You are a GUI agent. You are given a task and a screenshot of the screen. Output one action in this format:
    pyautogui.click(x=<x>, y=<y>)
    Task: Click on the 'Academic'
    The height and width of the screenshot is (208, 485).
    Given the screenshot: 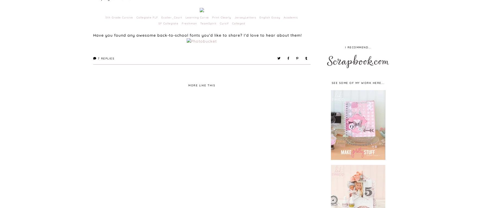 What is the action you would take?
    pyautogui.click(x=291, y=17)
    